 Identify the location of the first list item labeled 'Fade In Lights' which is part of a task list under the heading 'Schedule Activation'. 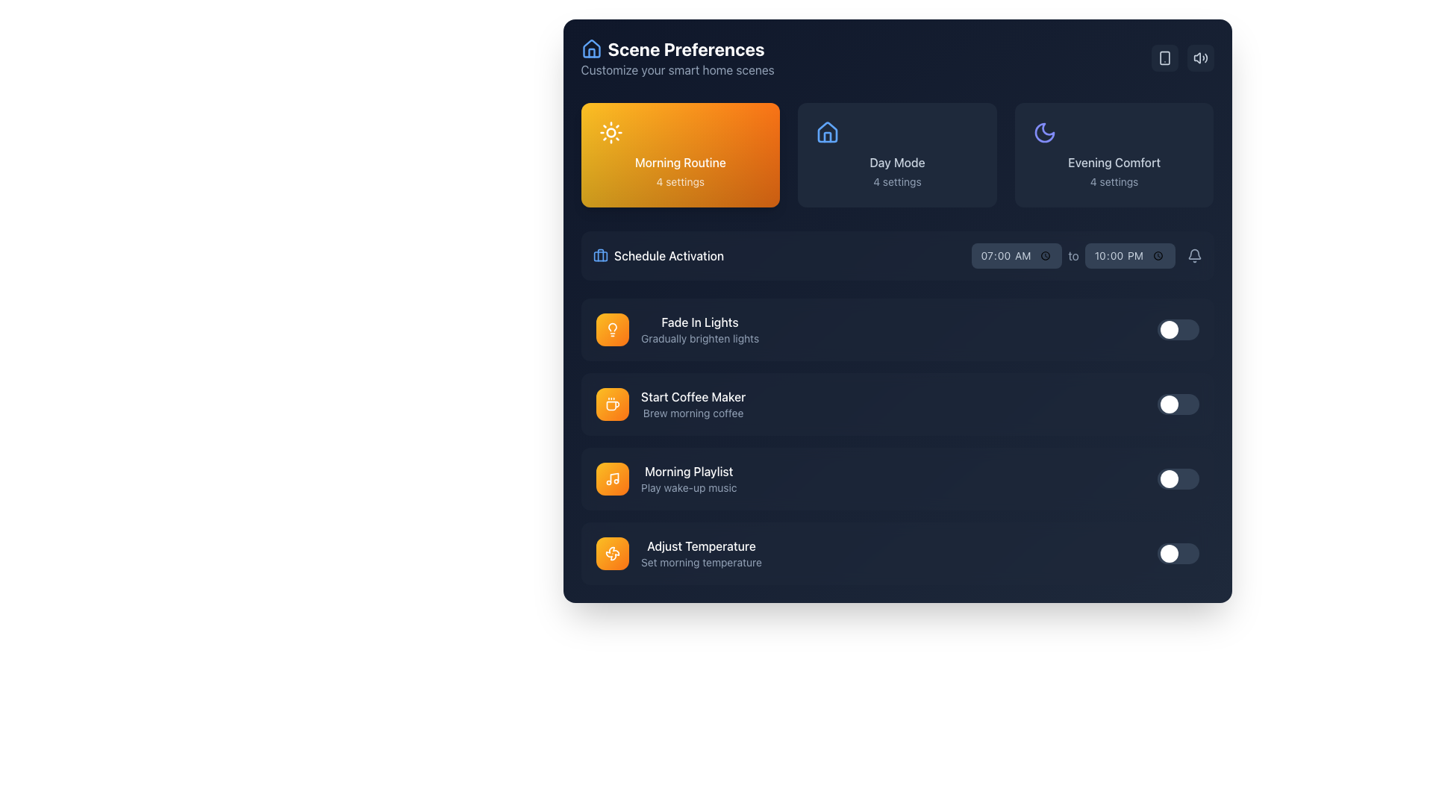
(699, 329).